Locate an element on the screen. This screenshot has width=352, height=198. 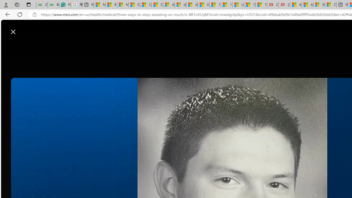
'Free AI Writing Assistance for Students | Grammarly' is located at coordinates (65, 5).